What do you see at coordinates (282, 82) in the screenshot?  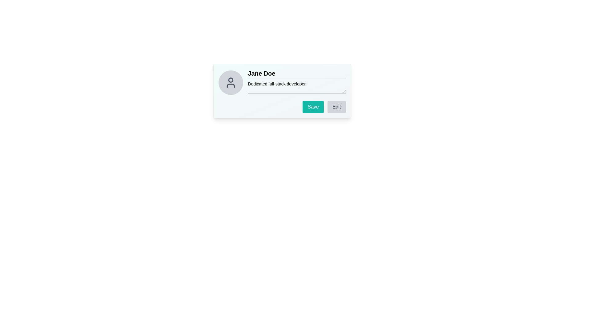 I see `the static text block that states 'Dedicated full-stack developer.' located beneath the name 'Jane Doe' in the user profile card` at bounding box center [282, 82].